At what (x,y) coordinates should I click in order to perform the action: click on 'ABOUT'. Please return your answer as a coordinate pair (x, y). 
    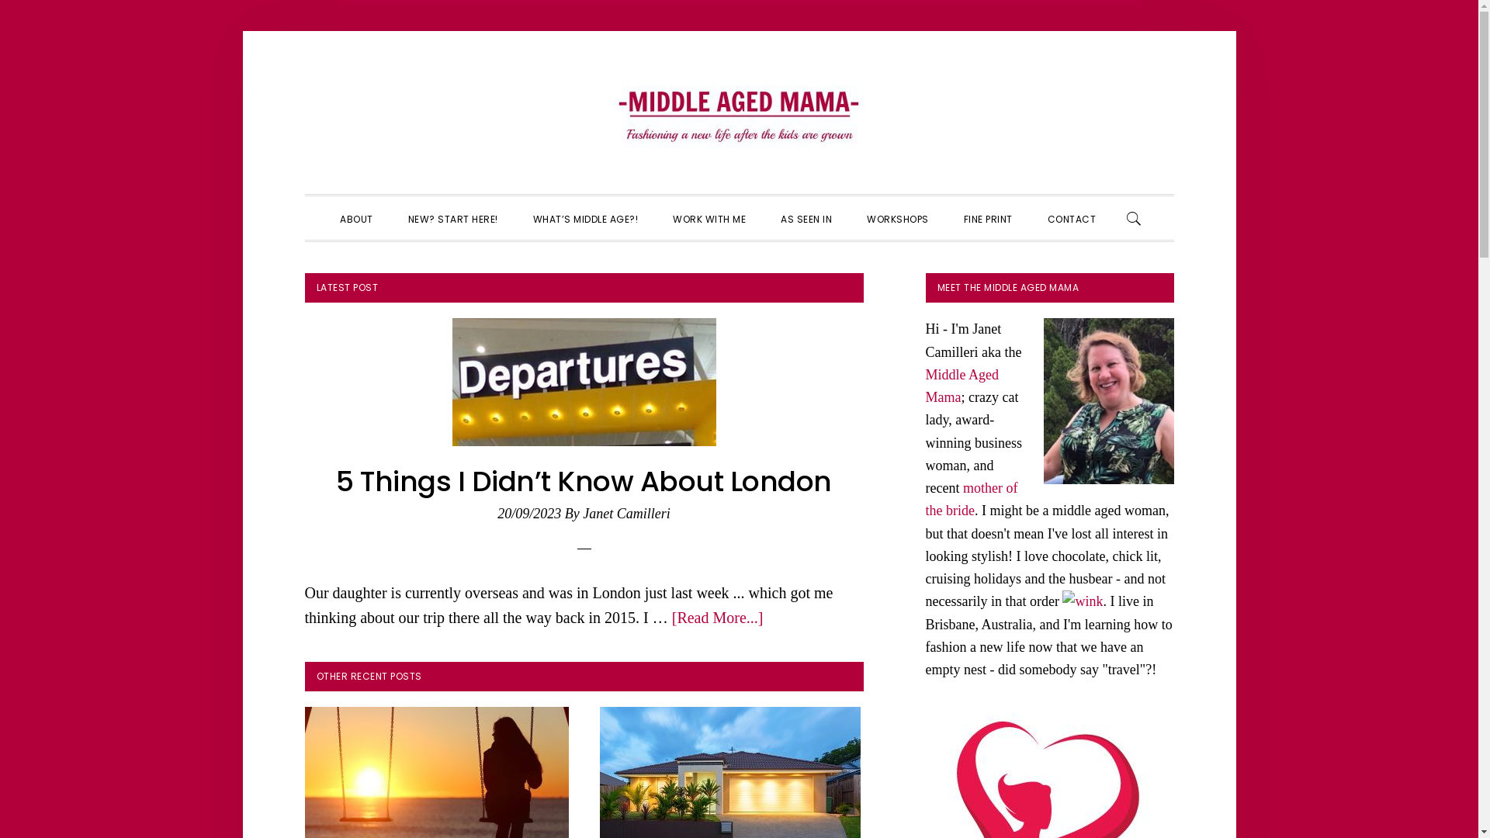
    Looking at the image, I should click on (355, 218).